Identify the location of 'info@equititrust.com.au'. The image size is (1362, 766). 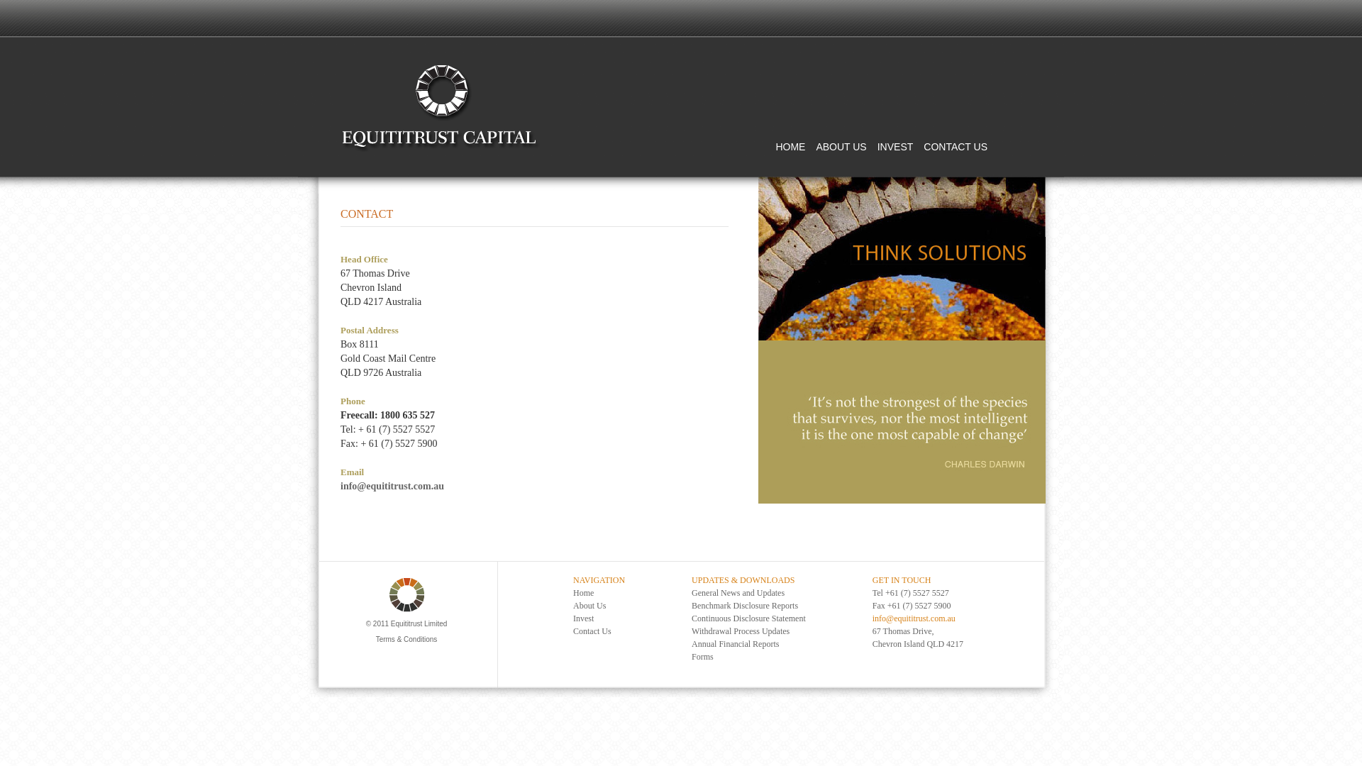
(914, 617).